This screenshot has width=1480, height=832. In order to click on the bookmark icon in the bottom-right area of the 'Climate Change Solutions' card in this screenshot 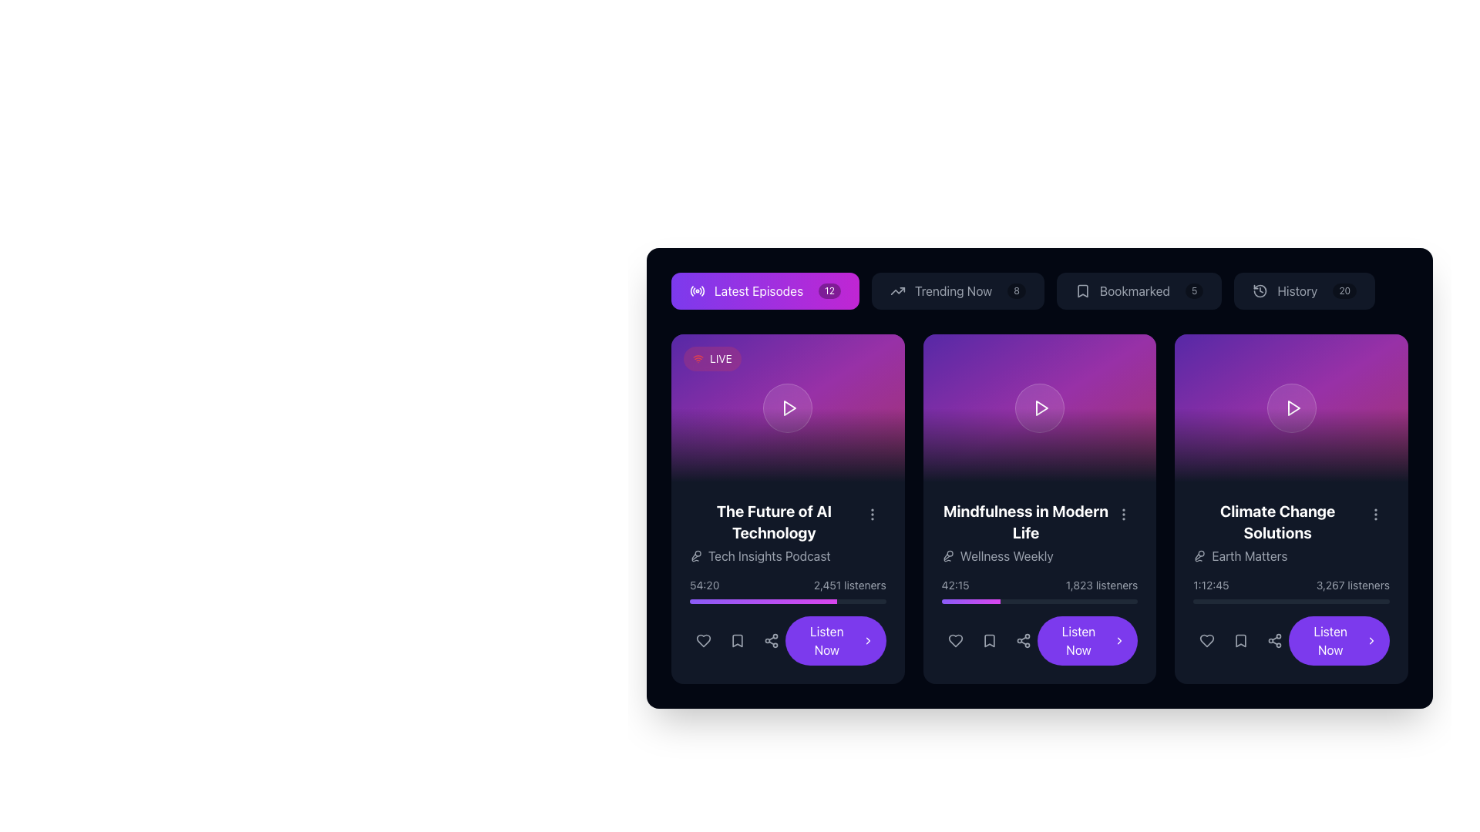, I will do `click(1241, 641)`.